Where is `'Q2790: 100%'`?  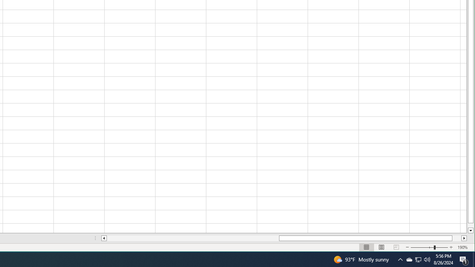
'Q2790: 100%' is located at coordinates (418, 259).